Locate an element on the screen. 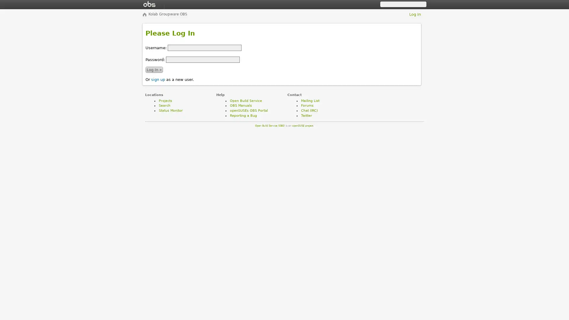 The height and width of the screenshot is (320, 569). Log In is located at coordinates (154, 69).